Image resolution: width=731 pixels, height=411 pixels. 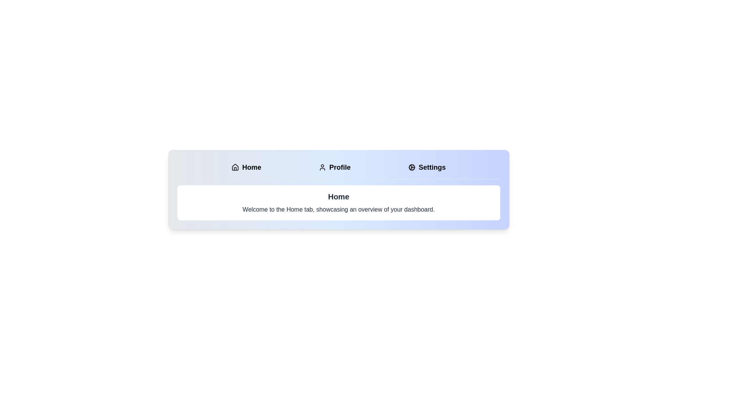 I want to click on the circular gear icon located on the far-right side of the navigation bar, which is part of a cog-shaped structure above the 'Settings' label, so click(x=411, y=167).